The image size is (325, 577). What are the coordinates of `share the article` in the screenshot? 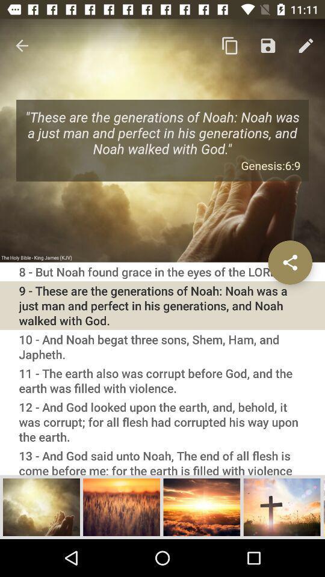 It's located at (289, 262).